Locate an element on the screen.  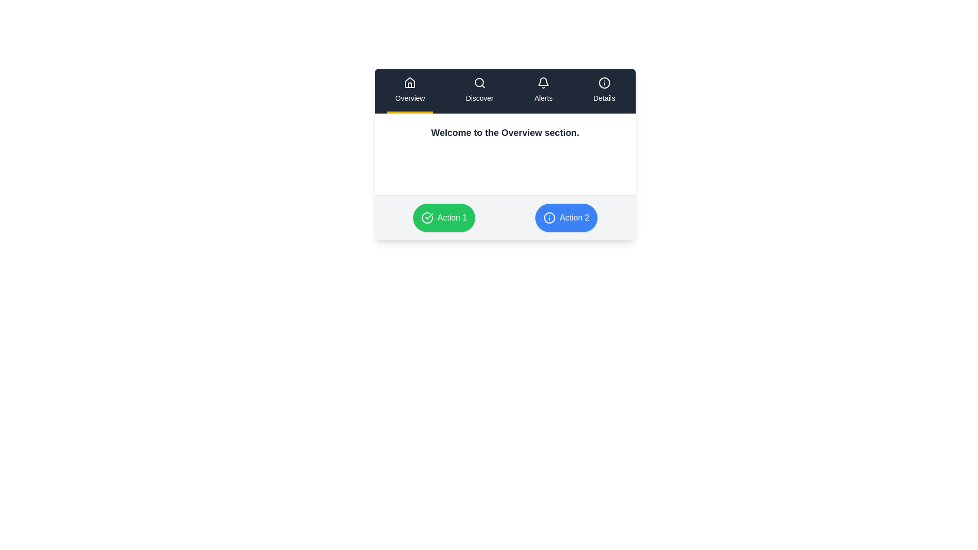
the 'Overview' tab in the navigation bar is located at coordinates (410, 98).